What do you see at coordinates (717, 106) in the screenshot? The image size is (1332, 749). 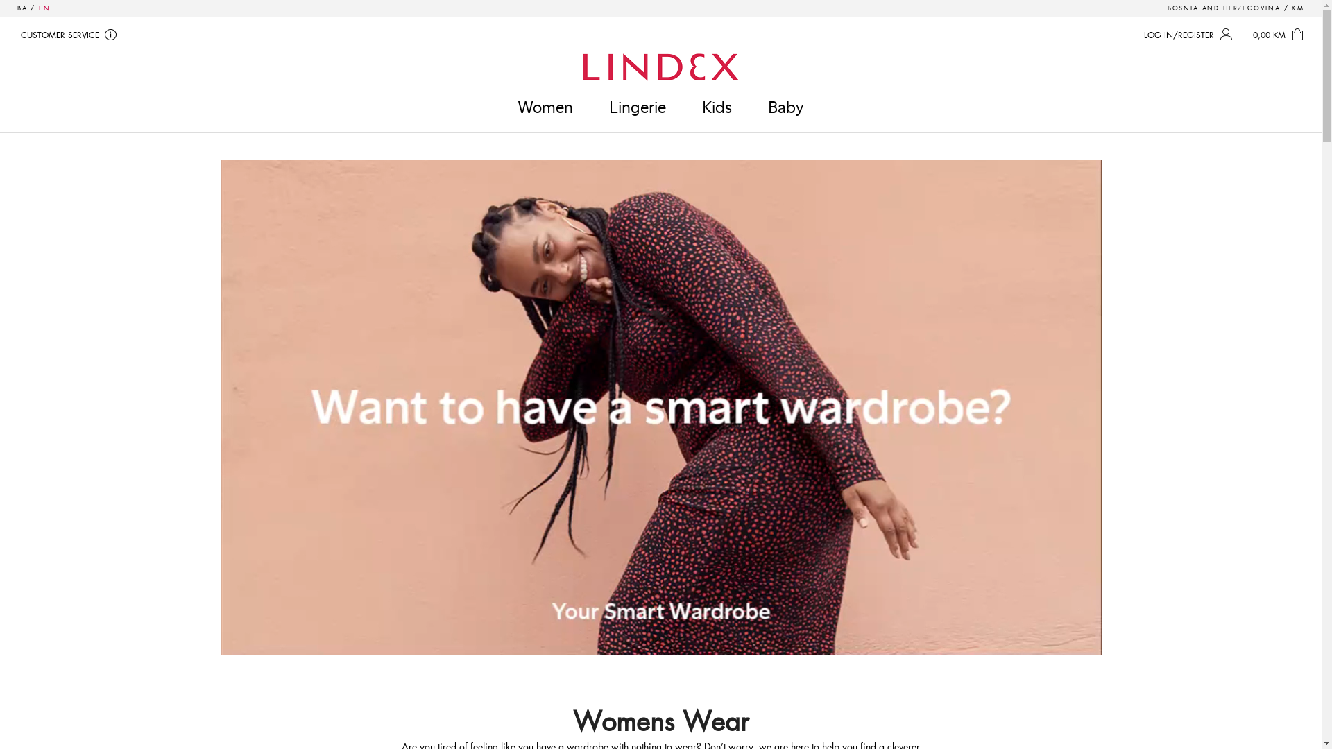 I see `'Kids'` at bounding box center [717, 106].